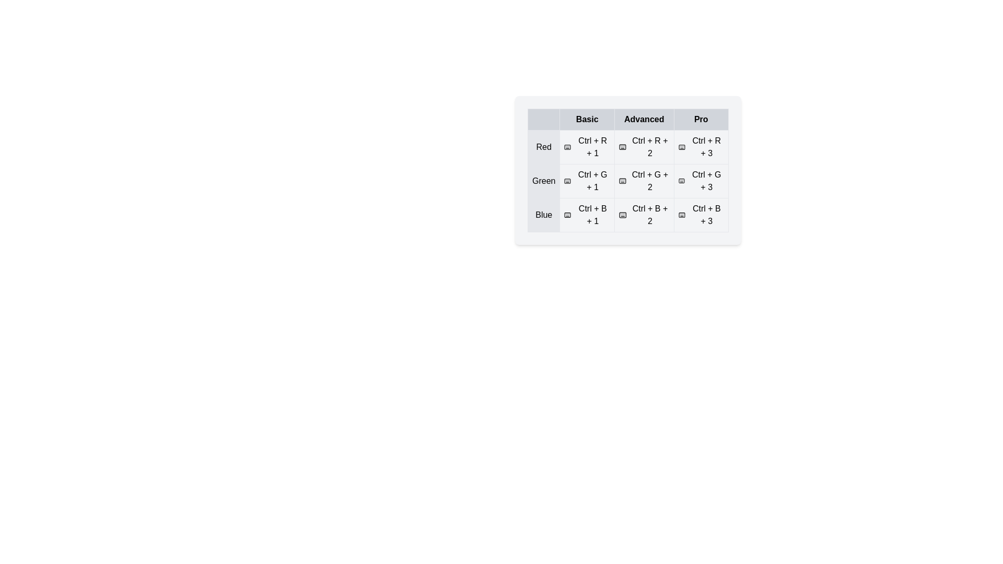 Image resolution: width=1003 pixels, height=564 pixels. What do you see at coordinates (644, 181) in the screenshot?
I see `text label that displays 'Ctrl + G + 2' accompanied by a keyboard icon, located in the second cell of the second row in the 'Advanced' column and 'Green' row` at bounding box center [644, 181].